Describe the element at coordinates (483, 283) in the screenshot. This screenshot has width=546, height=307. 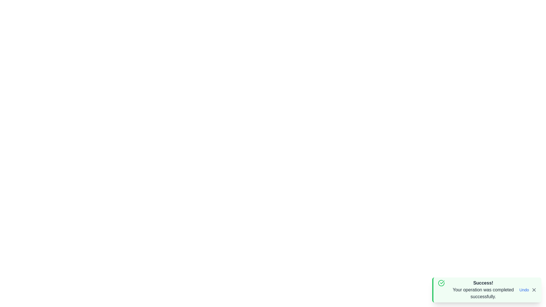
I see `the title text 'Success!' to select it` at that location.